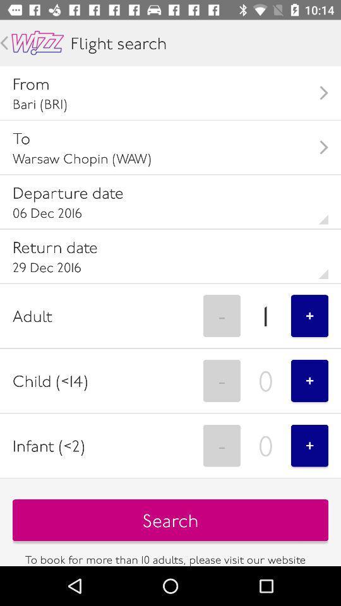  What do you see at coordinates (221, 315) in the screenshot?
I see `the item to the left of the 1 icon` at bounding box center [221, 315].